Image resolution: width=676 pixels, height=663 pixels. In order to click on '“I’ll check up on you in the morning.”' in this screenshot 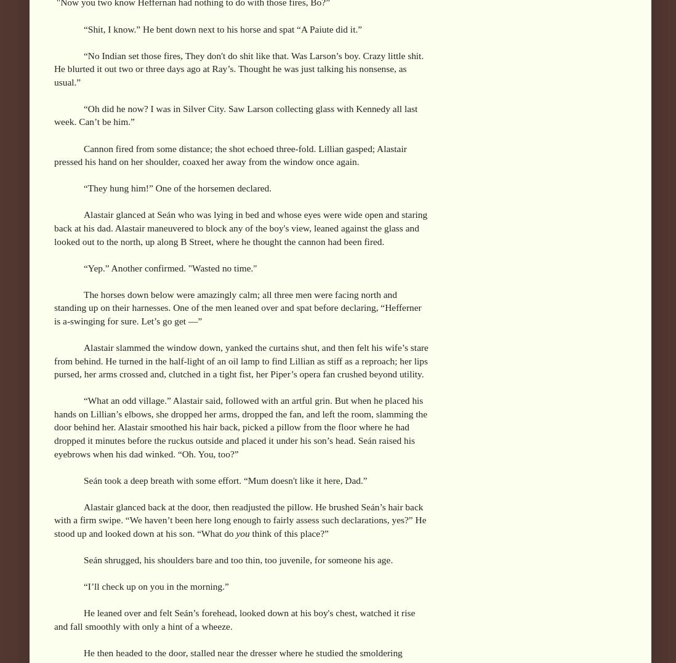, I will do `click(155, 585)`.